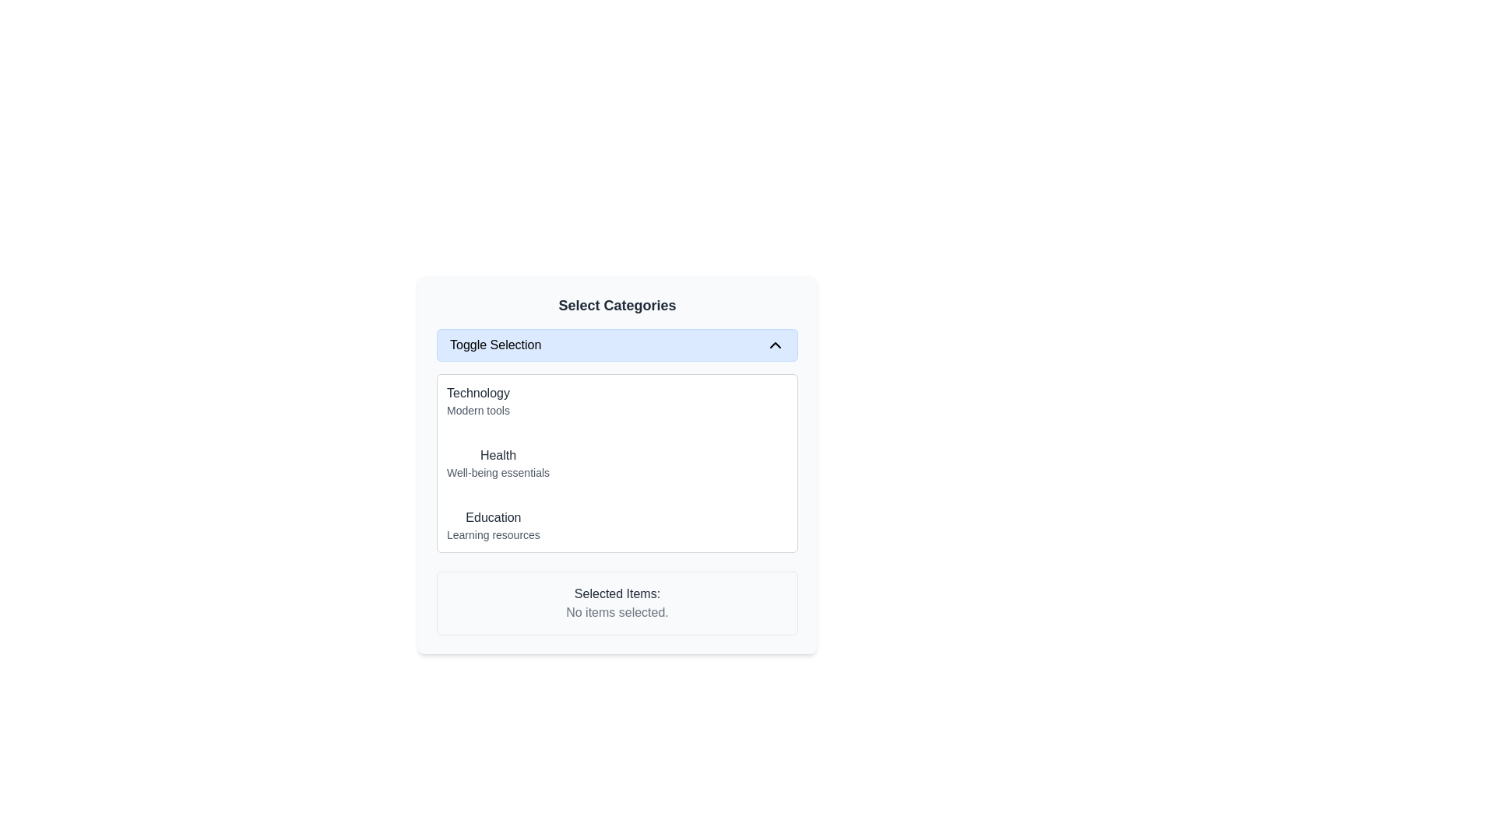  What do you see at coordinates (497, 455) in the screenshot?
I see `the 'Health' text label, which is the second slot in the vertical list of the 'Select Categories' panel, styled as a primary heading` at bounding box center [497, 455].